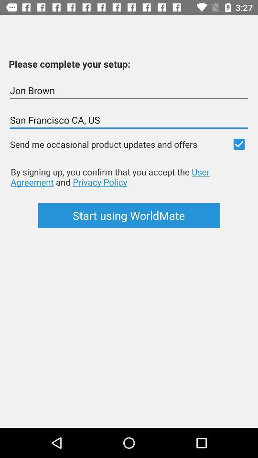 The image size is (258, 458). What do you see at coordinates (238, 144) in the screenshot?
I see `send me product updates or offers on/off` at bounding box center [238, 144].